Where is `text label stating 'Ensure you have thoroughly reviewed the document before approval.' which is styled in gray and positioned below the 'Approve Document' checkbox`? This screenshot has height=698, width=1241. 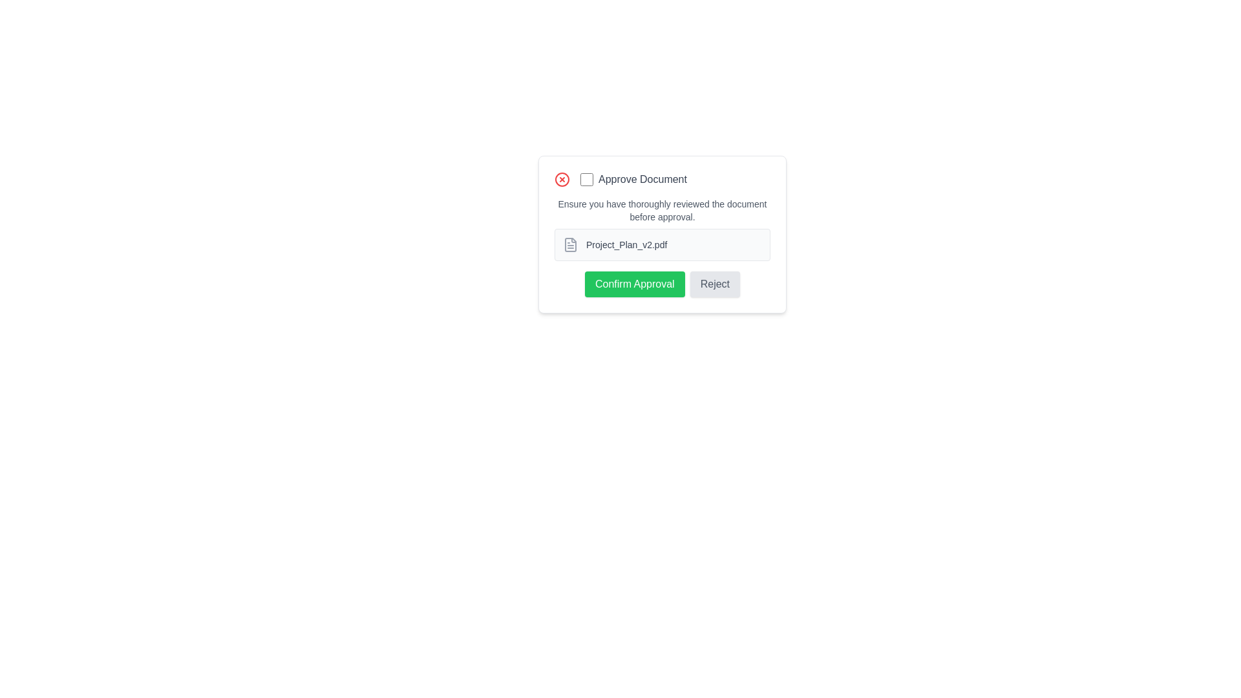
text label stating 'Ensure you have thoroughly reviewed the document before approval.' which is styled in gray and positioned below the 'Approve Document' checkbox is located at coordinates (663, 210).